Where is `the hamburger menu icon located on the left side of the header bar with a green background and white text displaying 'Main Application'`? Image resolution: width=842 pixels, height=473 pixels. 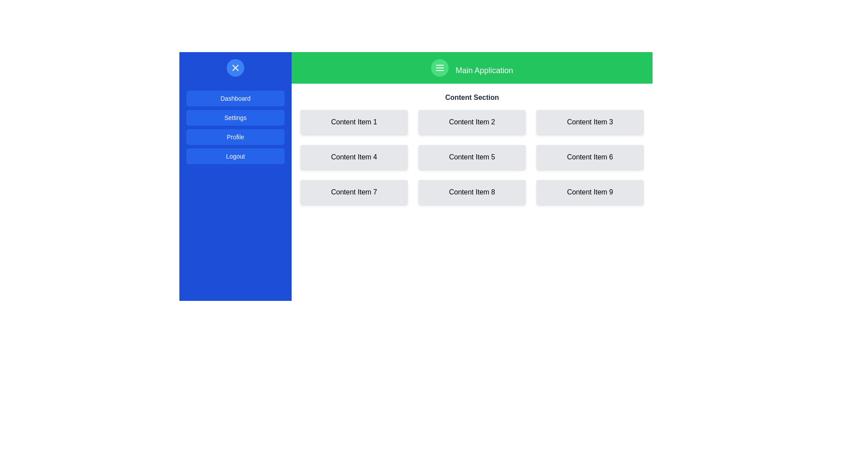 the hamburger menu icon located on the left side of the header bar with a green background and white text displaying 'Main Application' is located at coordinates (471, 67).